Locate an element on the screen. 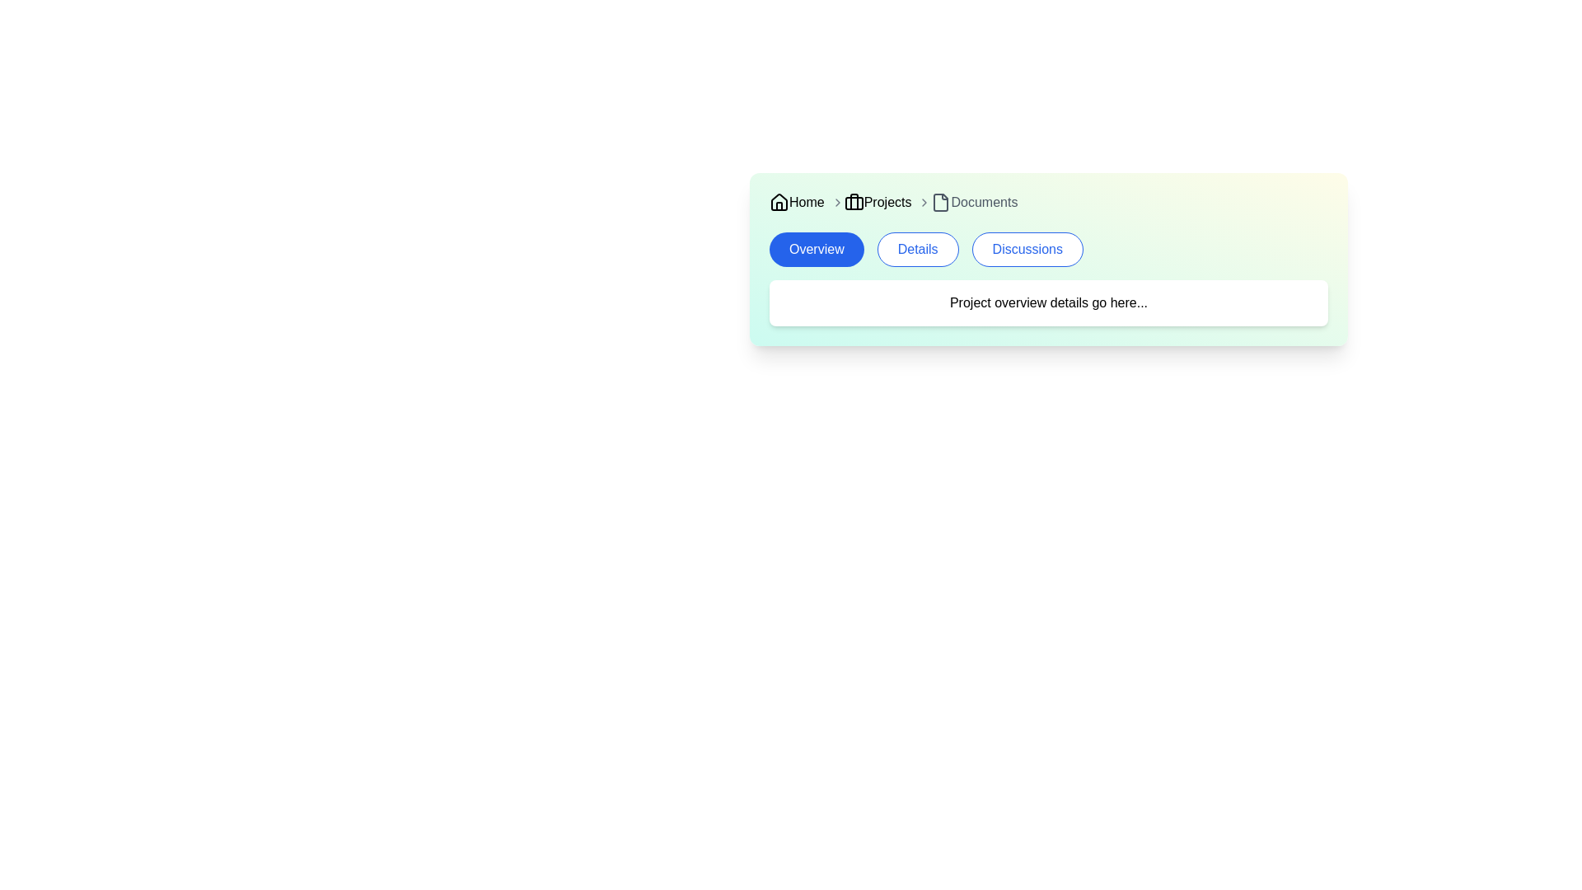  the 'Documents' breadcrumb item, which is styled with a small document icon and is the last item in the breadcrumb navigation bar is located at coordinates (968, 202).